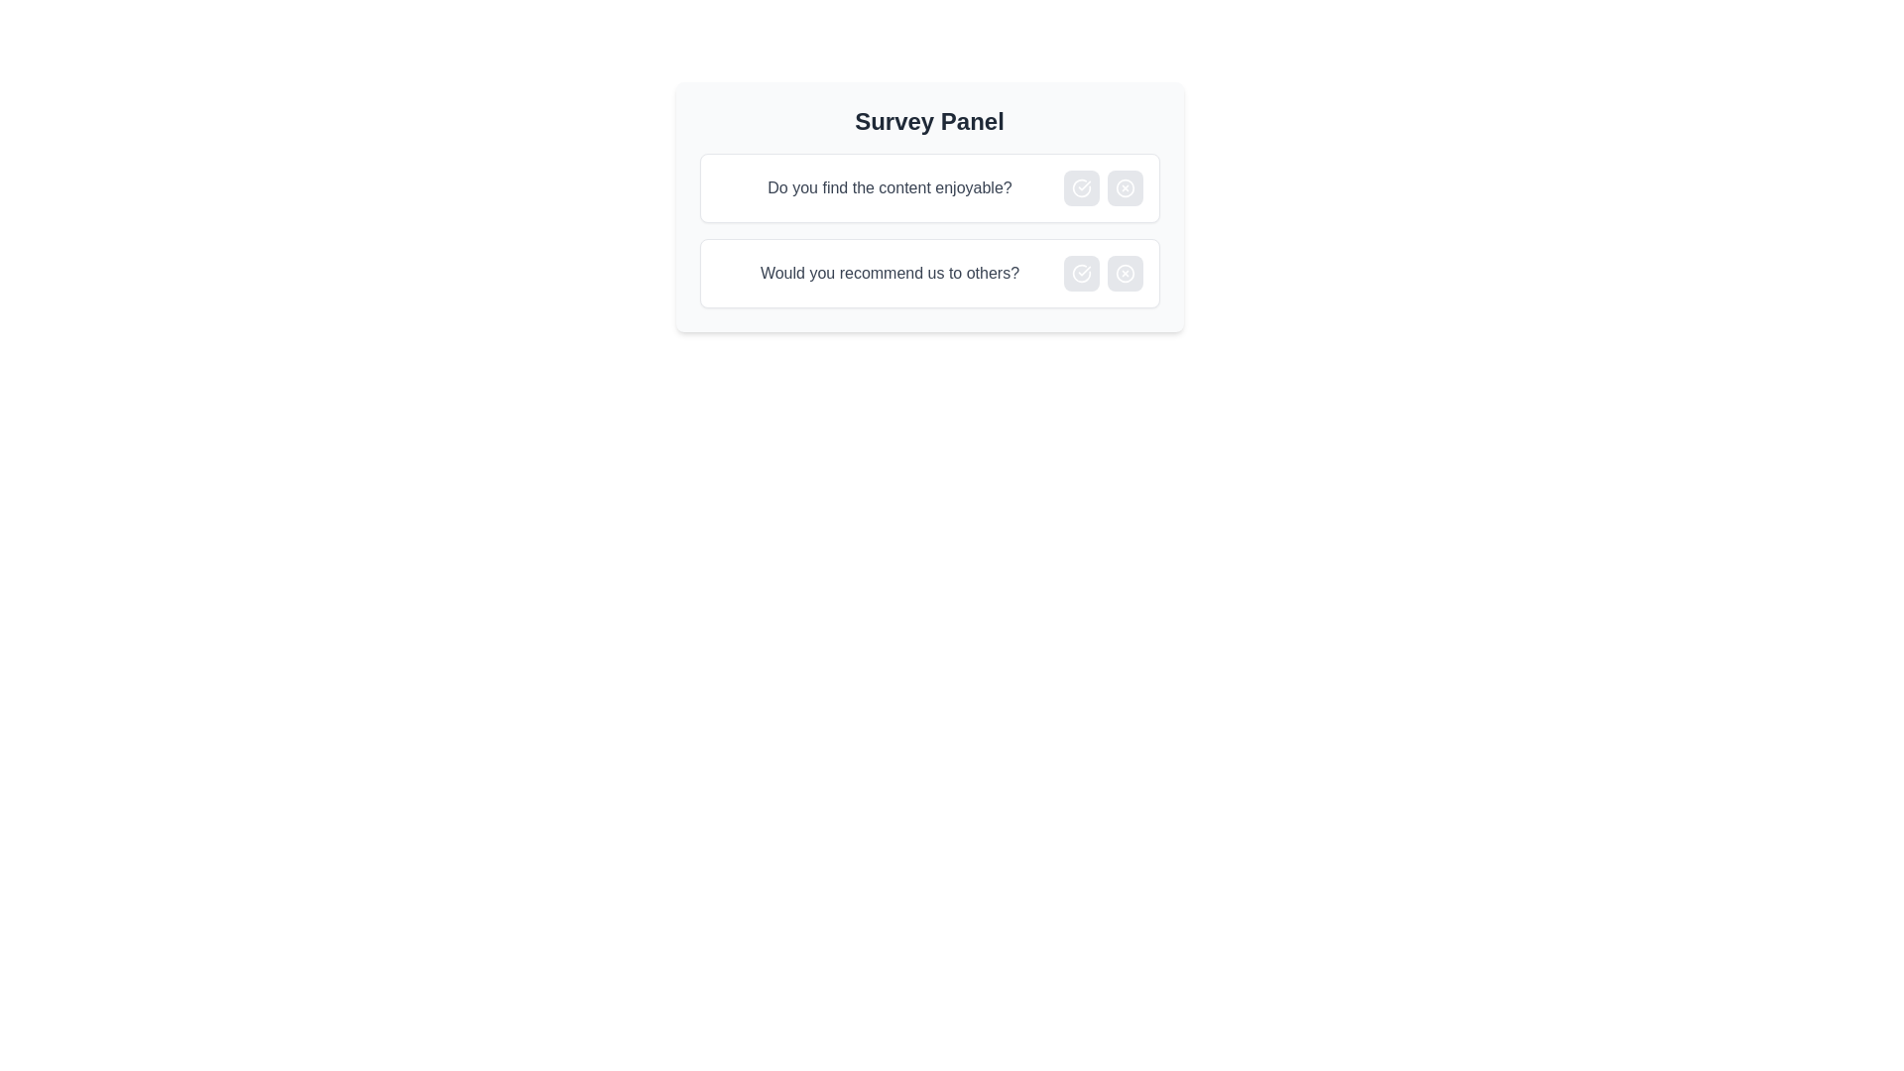 The image size is (1904, 1071). Describe the element at coordinates (1102, 274) in the screenshot. I see `the checkmark button in the grouped interactive button set located in the second row of the panel, right of the question text 'Would you recommend us to others?'` at that location.